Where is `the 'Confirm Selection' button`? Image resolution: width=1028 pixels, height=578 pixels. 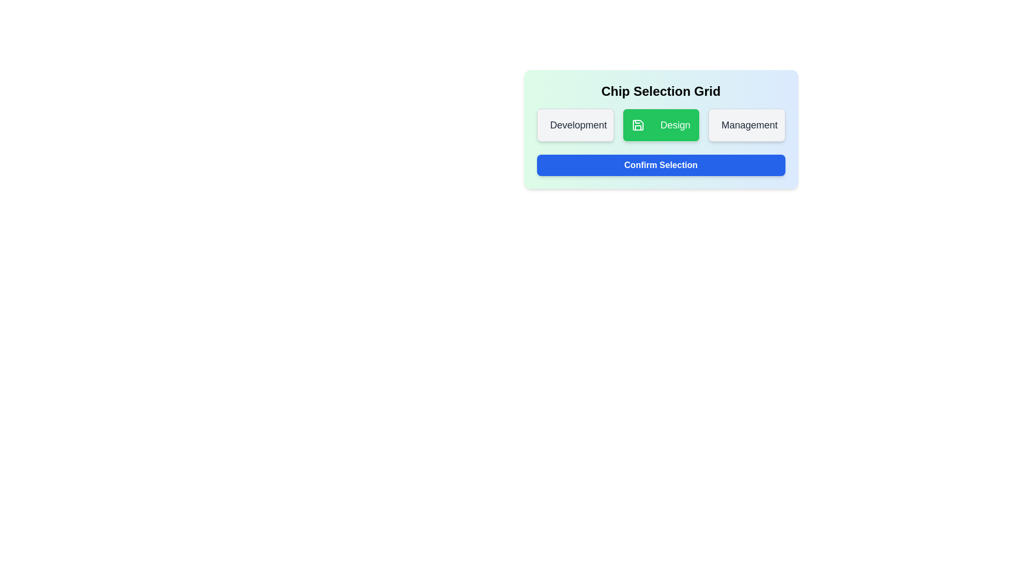 the 'Confirm Selection' button is located at coordinates (660, 165).